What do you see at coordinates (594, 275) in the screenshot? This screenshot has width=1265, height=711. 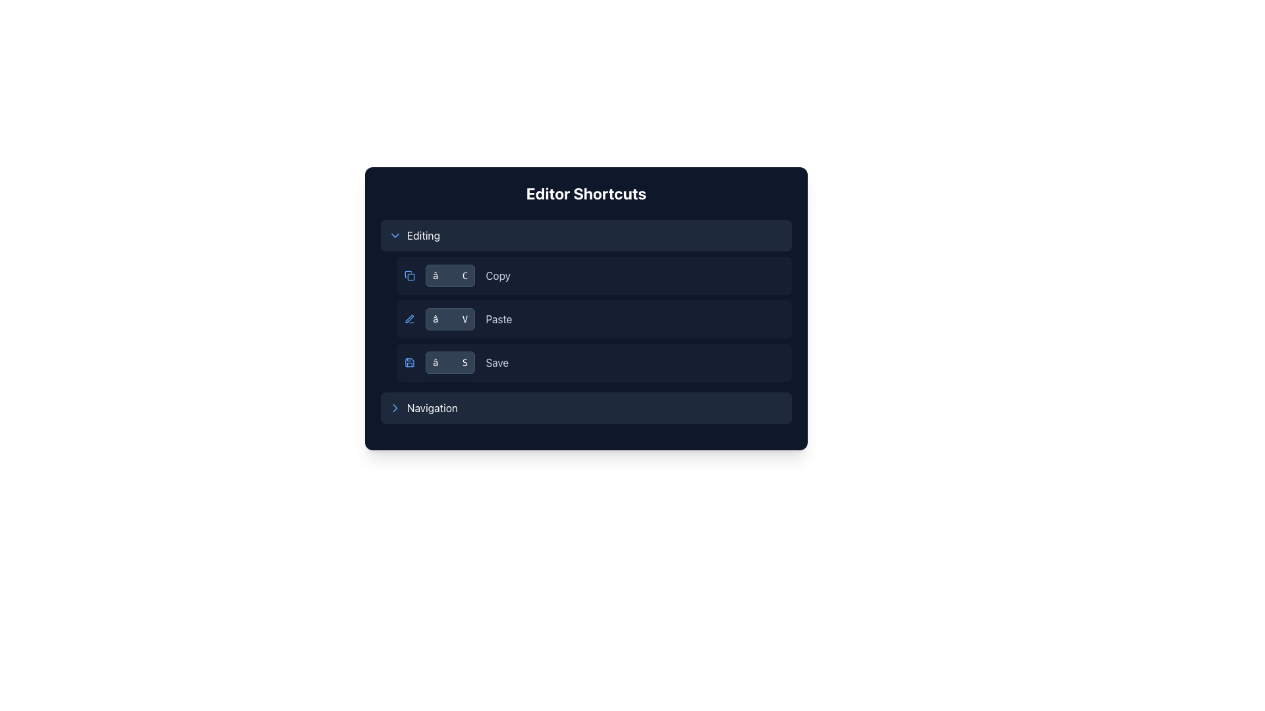 I see `the first row of the 'Editing' section in the 'Editor Shortcuts' that displays the shortcut key combination '⌘ C' for the 'Copy' action` at bounding box center [594, 275].